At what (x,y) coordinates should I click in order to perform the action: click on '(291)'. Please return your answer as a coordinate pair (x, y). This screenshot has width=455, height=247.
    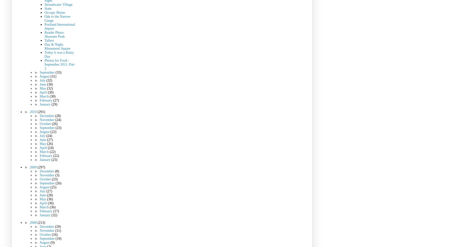
    Looking at the image, I should click on (41, 112).